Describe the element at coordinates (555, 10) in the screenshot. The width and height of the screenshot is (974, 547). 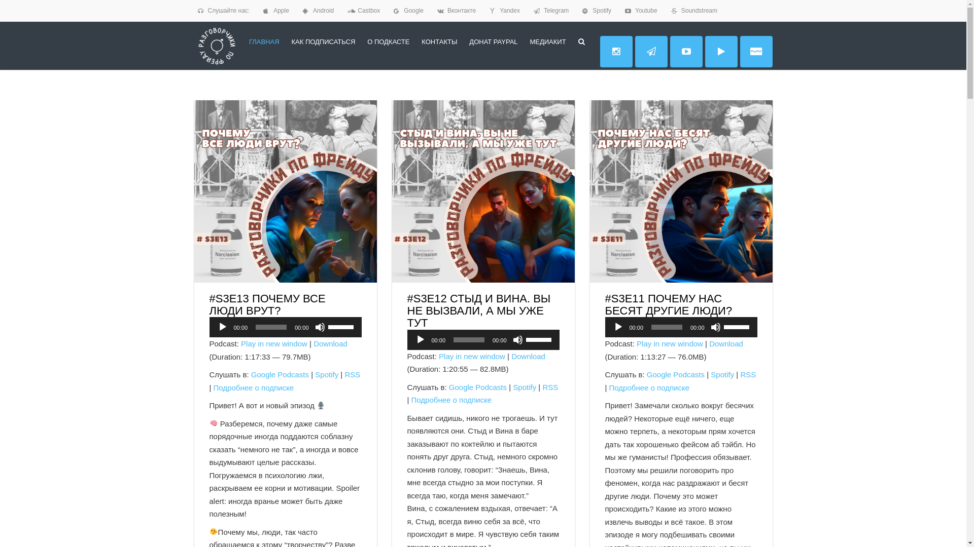
I see `'Telegram'` at that location.